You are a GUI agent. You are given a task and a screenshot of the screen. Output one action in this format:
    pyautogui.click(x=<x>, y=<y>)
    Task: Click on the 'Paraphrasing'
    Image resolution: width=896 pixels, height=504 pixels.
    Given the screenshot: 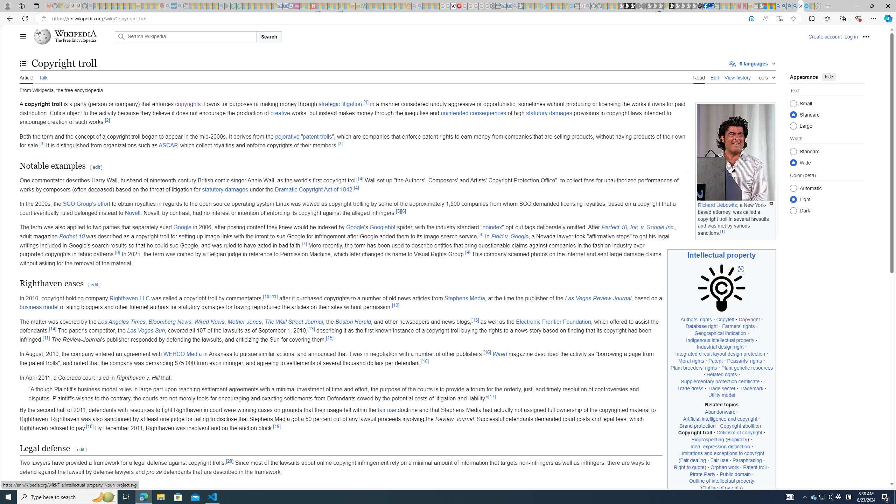 What is the action you would take?
    pyautogui.click(x=747, y=460)
    